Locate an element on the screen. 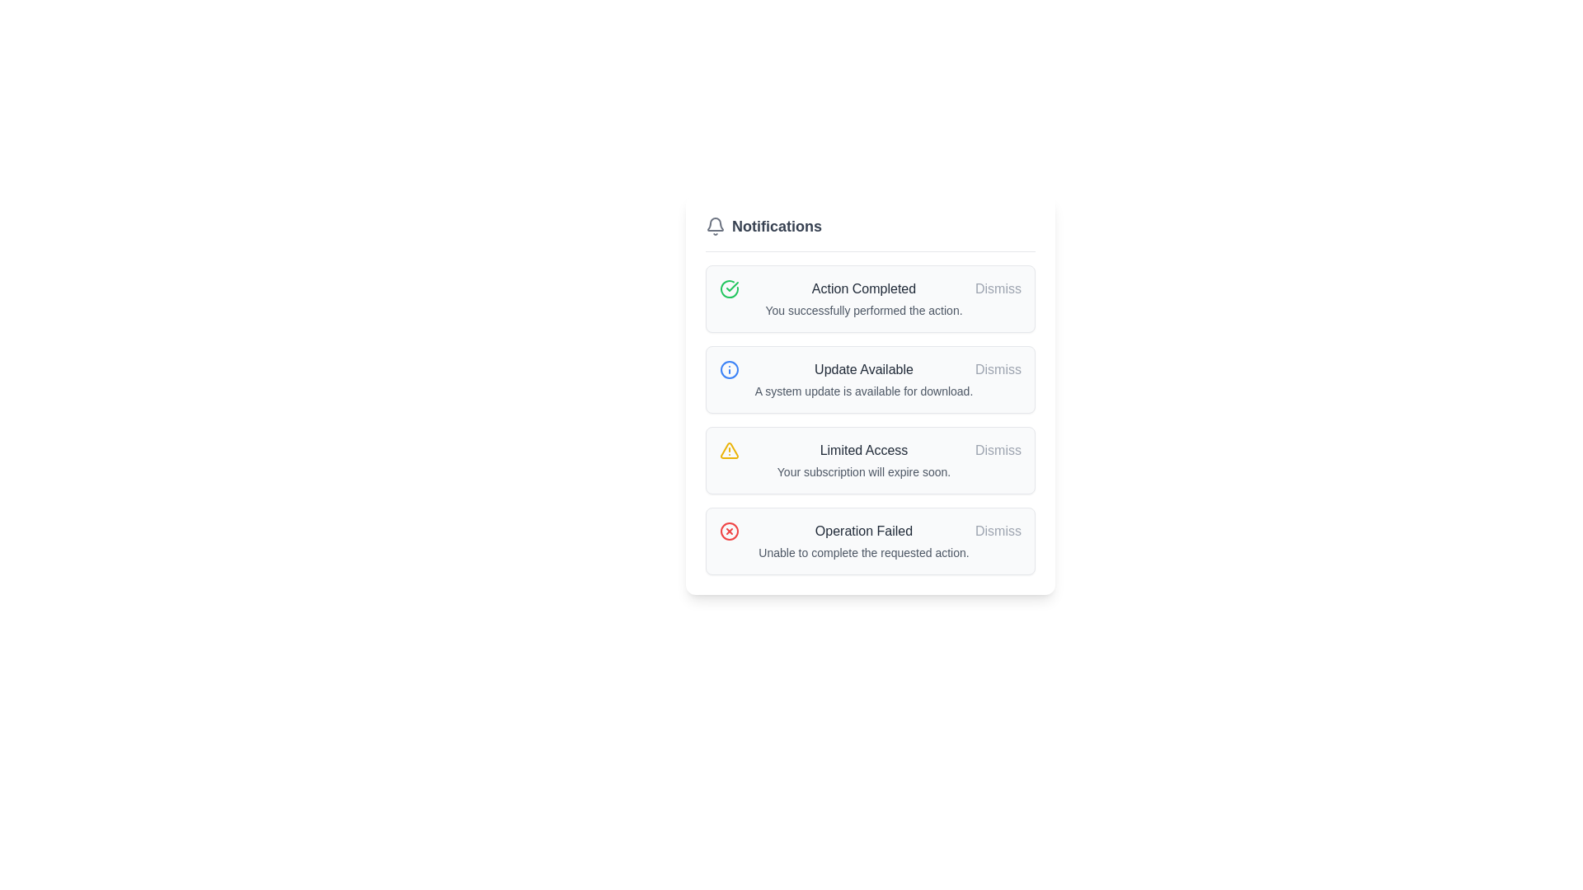 This screenshot has width=1583, height=890. the notification icon located in the top-left corner of the 'Notifications' section, which indicates the presence of alerts or updates is located at coordinates (716, 224).